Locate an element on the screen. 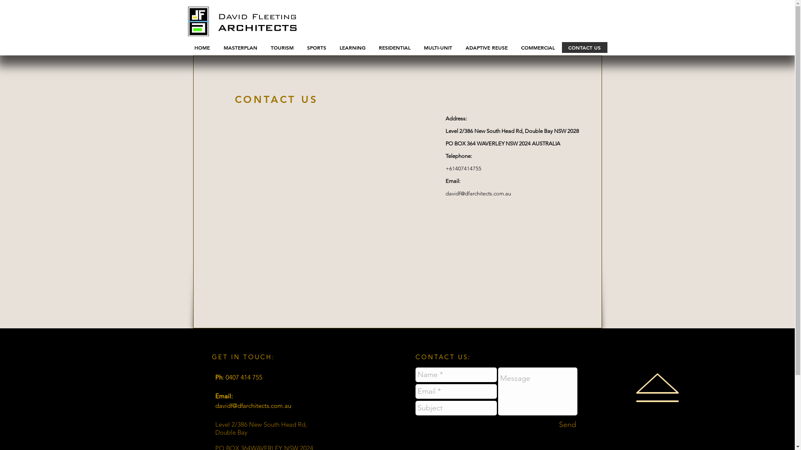  'ADAPTIVE REUSE' is located at coordinates (486, 47).